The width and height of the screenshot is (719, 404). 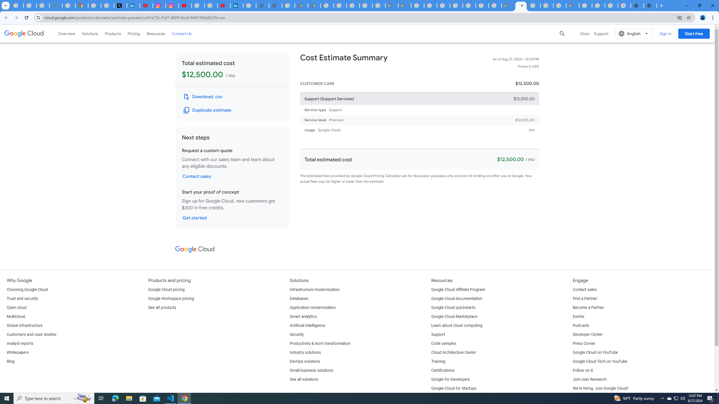 I want to click on 'Google Cloud documentation', so click(x=457, y=299).